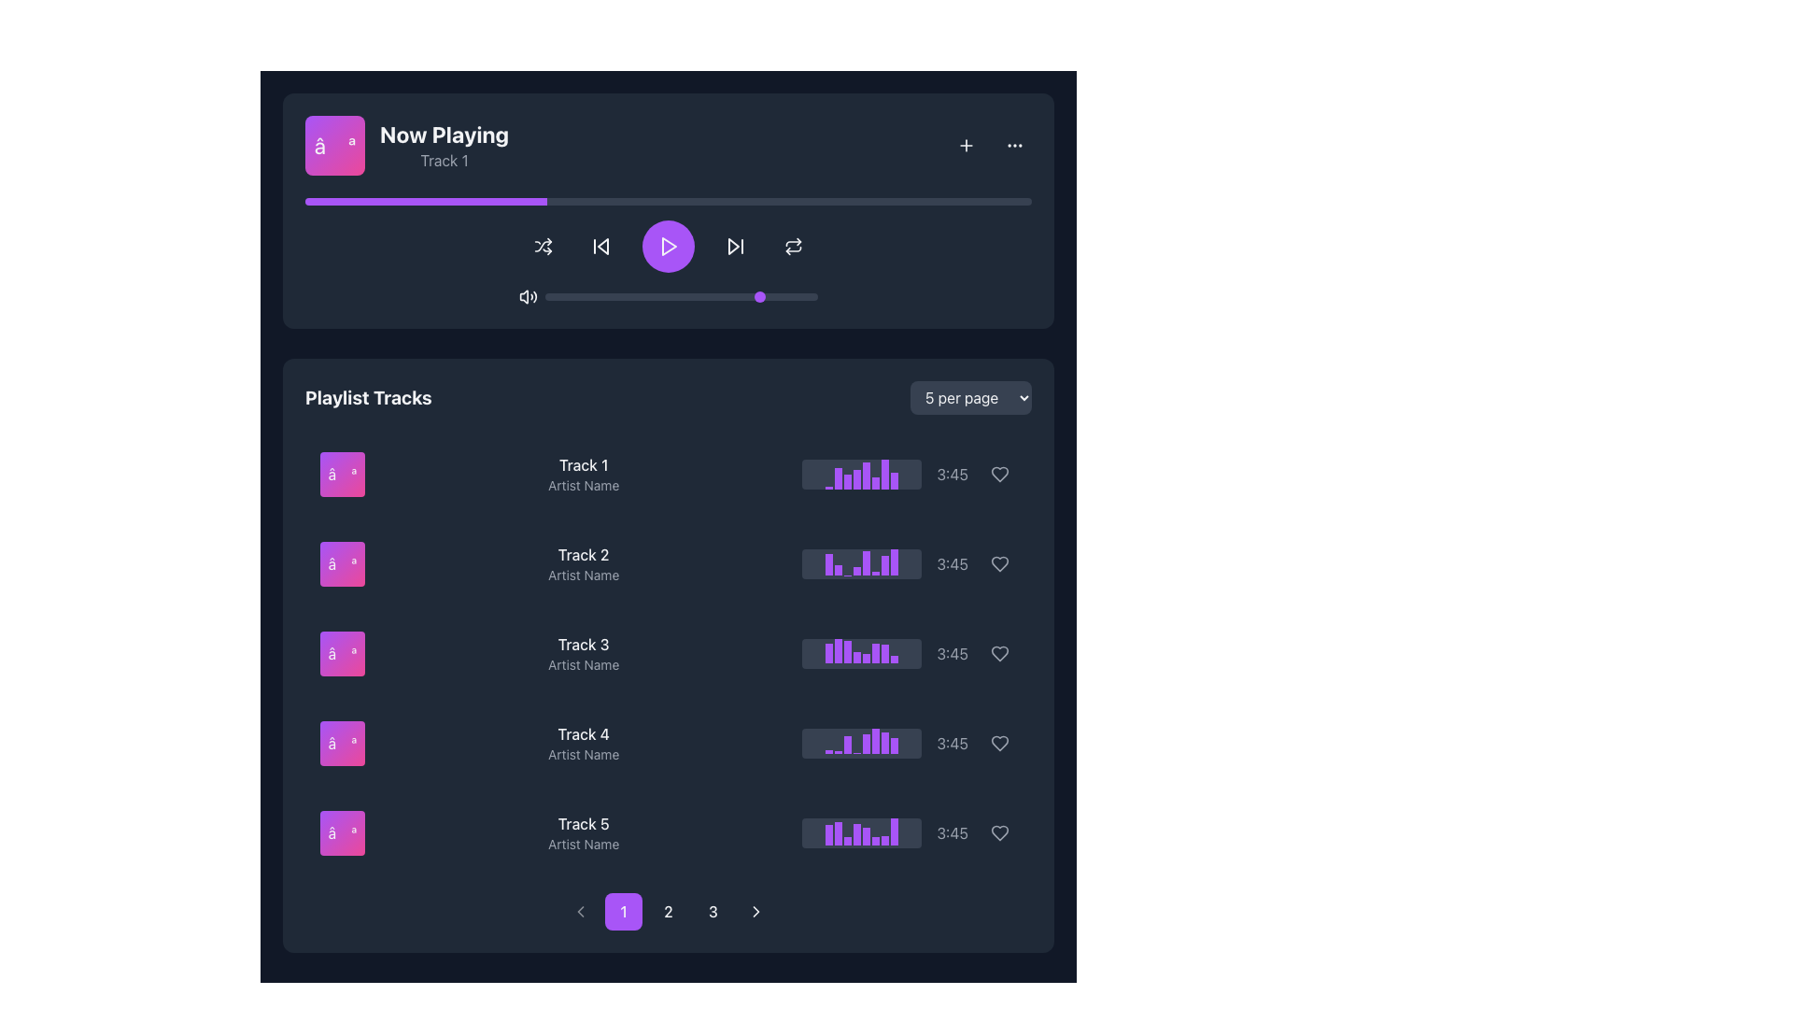  I want to click on the text label displaying the artist's name for 'Track 4' in the playlist, so click(583, 753).